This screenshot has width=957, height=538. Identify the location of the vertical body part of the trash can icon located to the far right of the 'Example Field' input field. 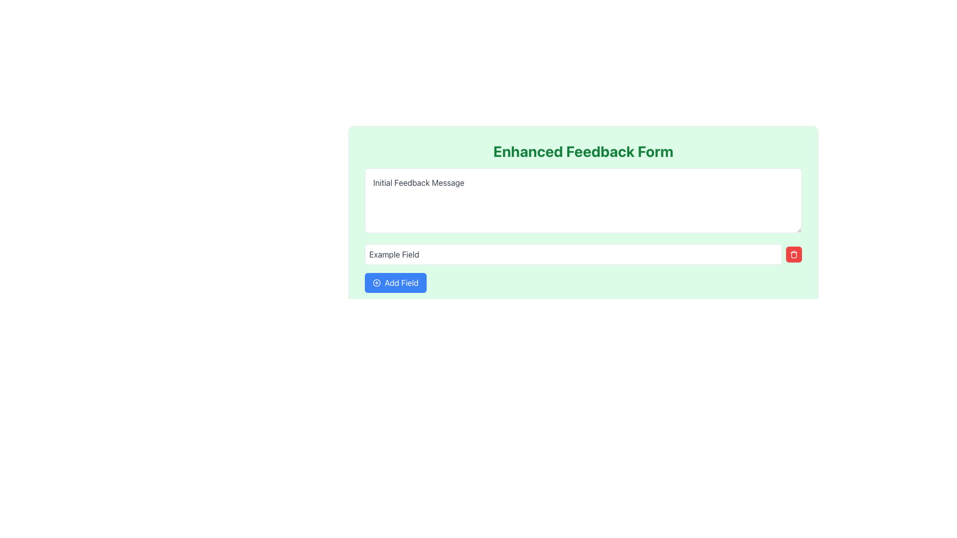
(794, 255).